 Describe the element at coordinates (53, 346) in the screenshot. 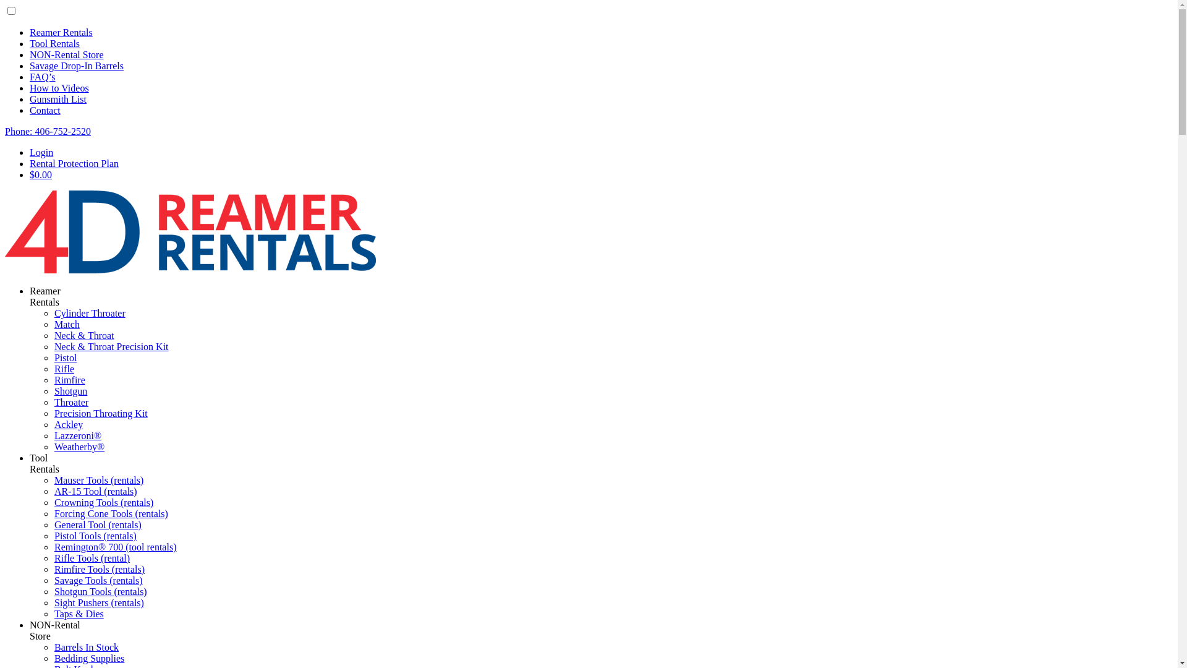

I see `'Neck & Throat Precision Kit'` at that location.